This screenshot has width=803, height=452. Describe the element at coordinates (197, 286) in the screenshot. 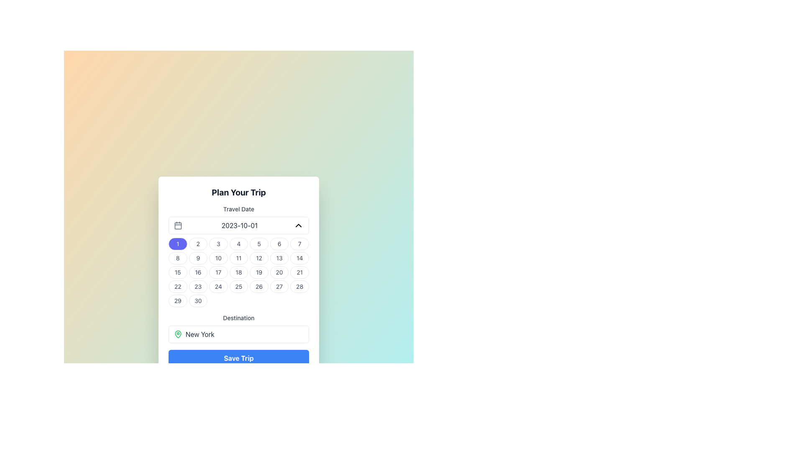

I see `the circular button displaying the number '23' in the second column of the fourth row within the calendar interface` at that location.